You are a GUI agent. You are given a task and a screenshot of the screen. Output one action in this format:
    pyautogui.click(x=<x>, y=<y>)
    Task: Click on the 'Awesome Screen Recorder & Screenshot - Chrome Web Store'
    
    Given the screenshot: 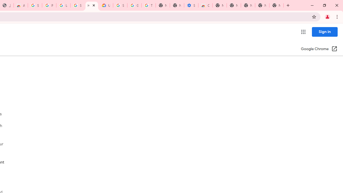 What is the action you would take?
    pyautogui.click(x=21, y=5)
    